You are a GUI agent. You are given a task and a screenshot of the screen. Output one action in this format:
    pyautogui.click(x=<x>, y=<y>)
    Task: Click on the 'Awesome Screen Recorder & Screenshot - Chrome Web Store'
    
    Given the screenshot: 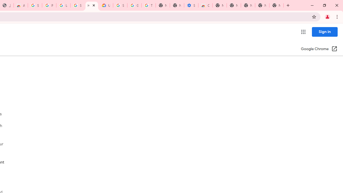 What is the action you would take?
    pyautogui.click(x=21, y=5)
    